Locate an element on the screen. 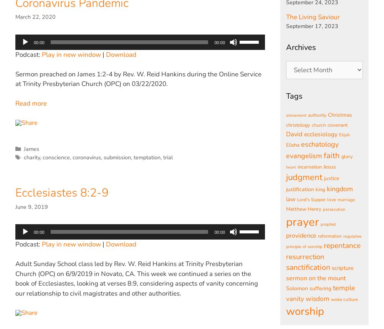  'faith' is located at coordinates (331, 155).